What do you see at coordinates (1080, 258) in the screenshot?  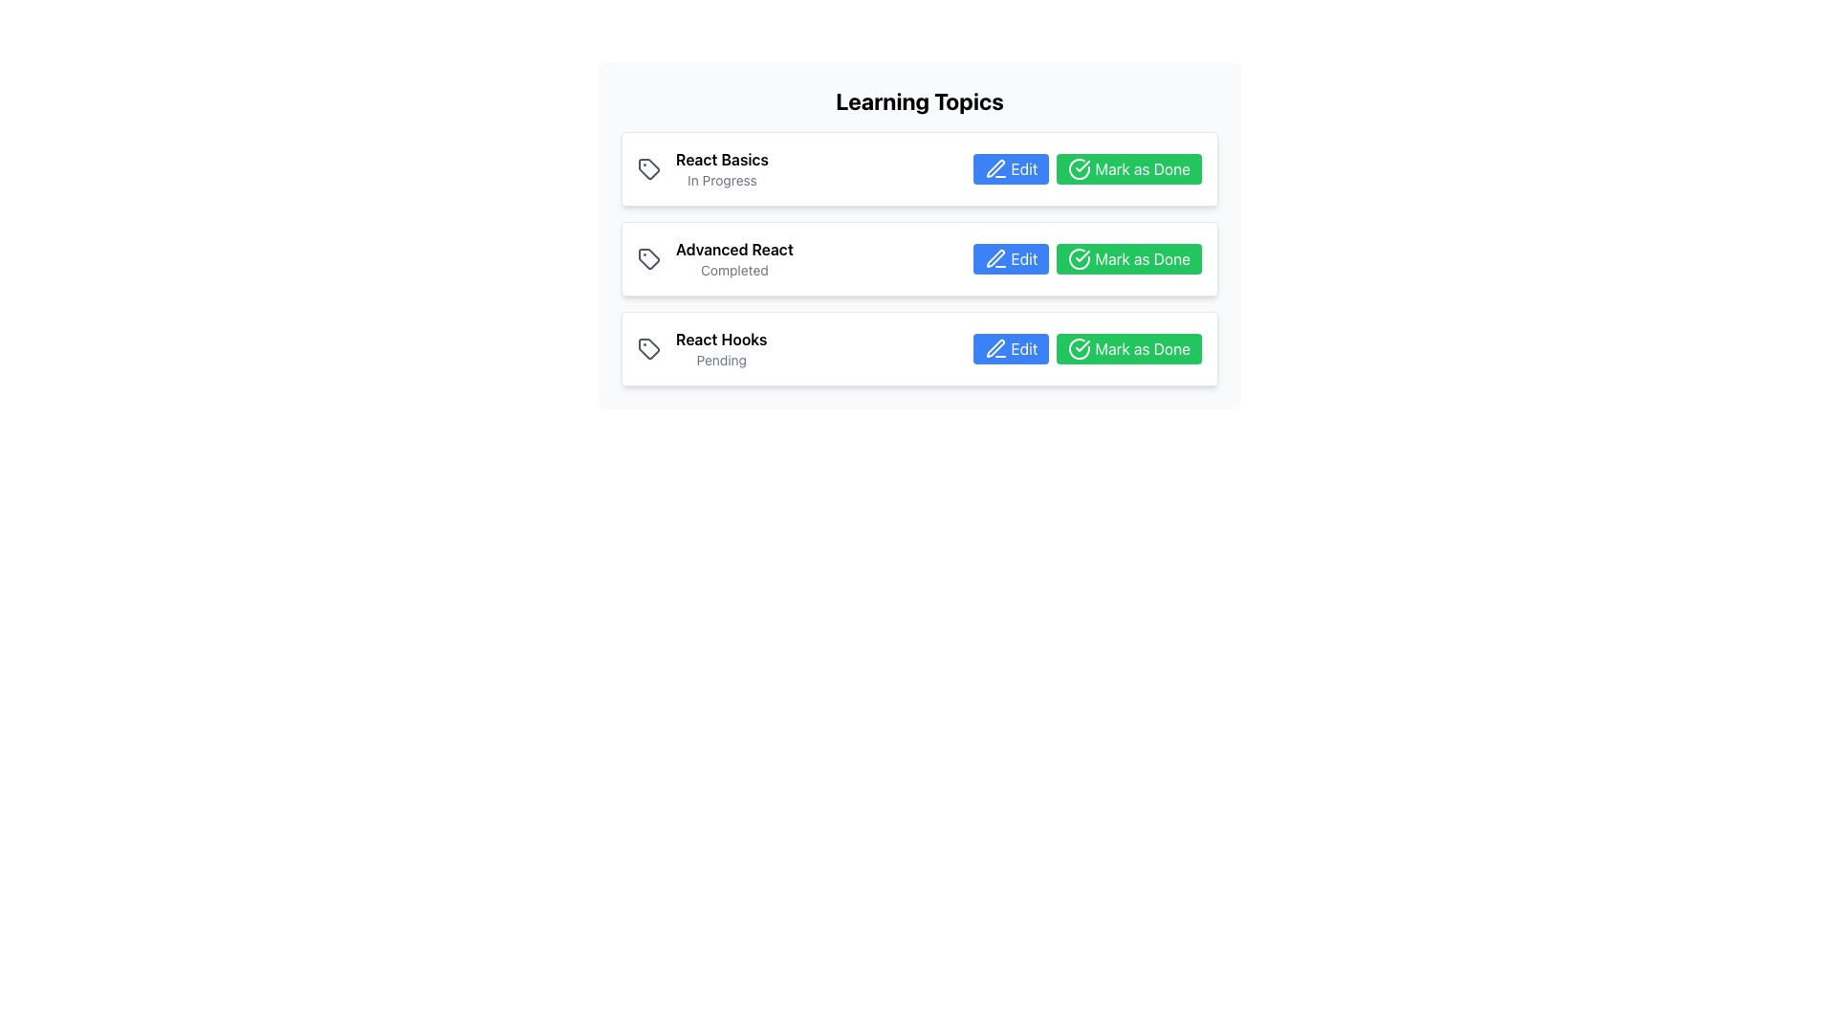 I see `the circular checkmark icon located near the left edge of the green 'Mark as Done' button` at bounding box center [1080, 258].